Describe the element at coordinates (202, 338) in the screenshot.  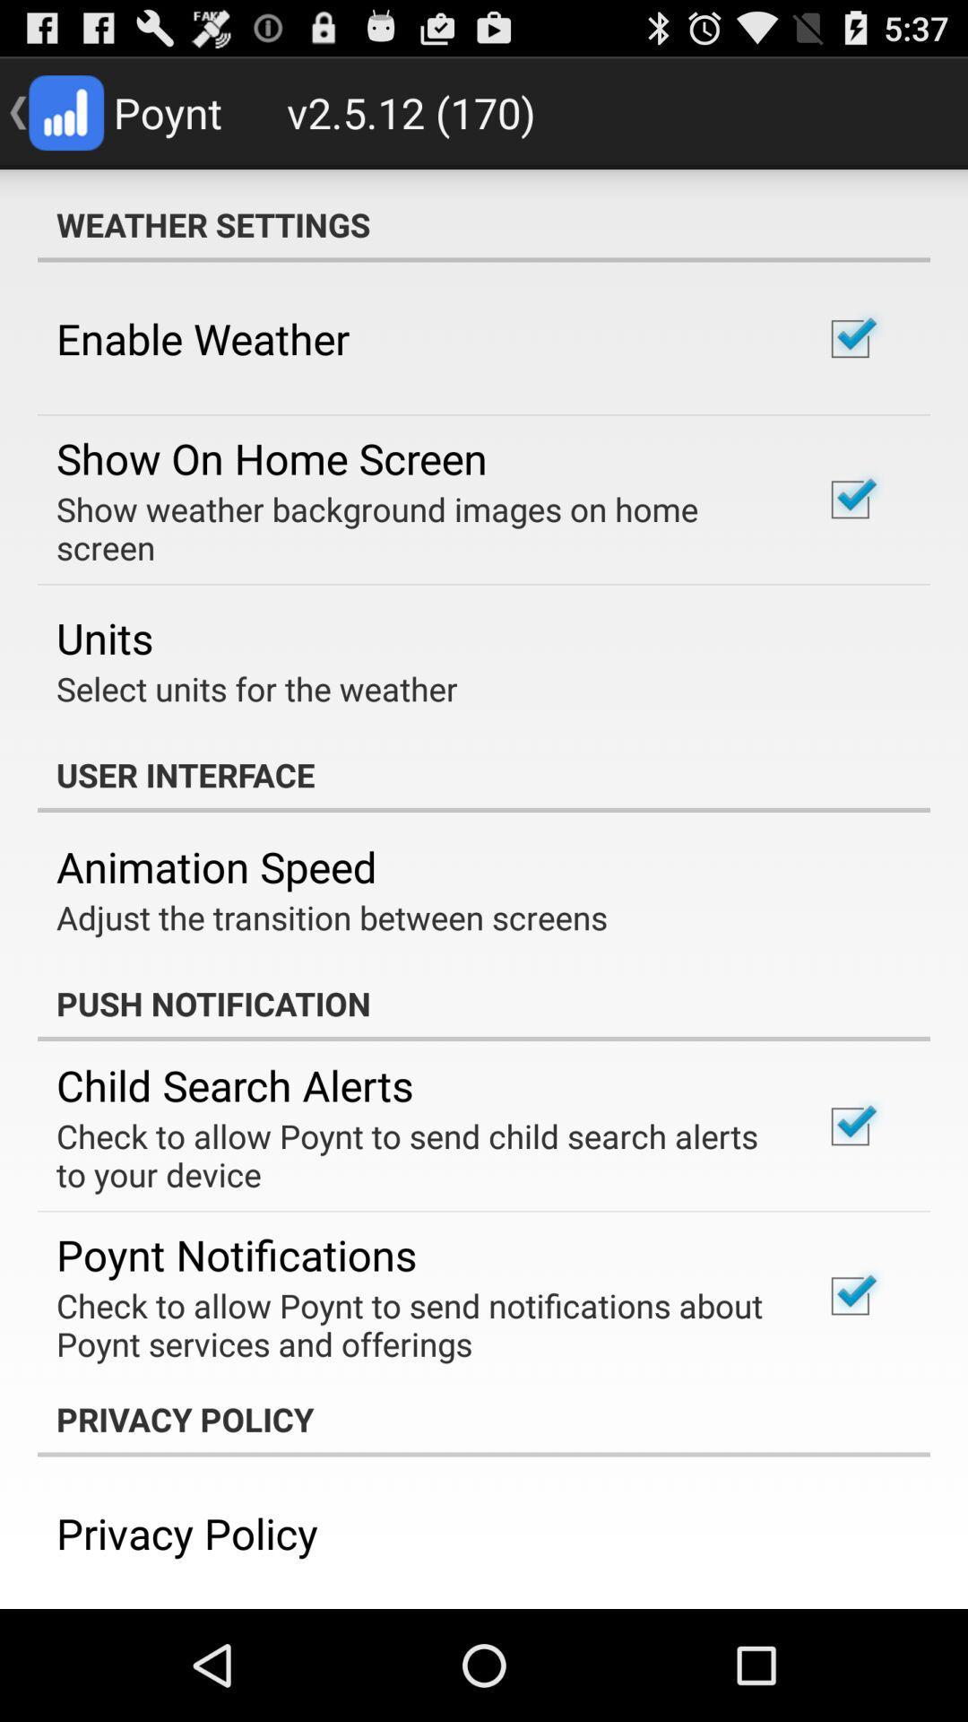
I see `the icon above the show on home item` at that location.